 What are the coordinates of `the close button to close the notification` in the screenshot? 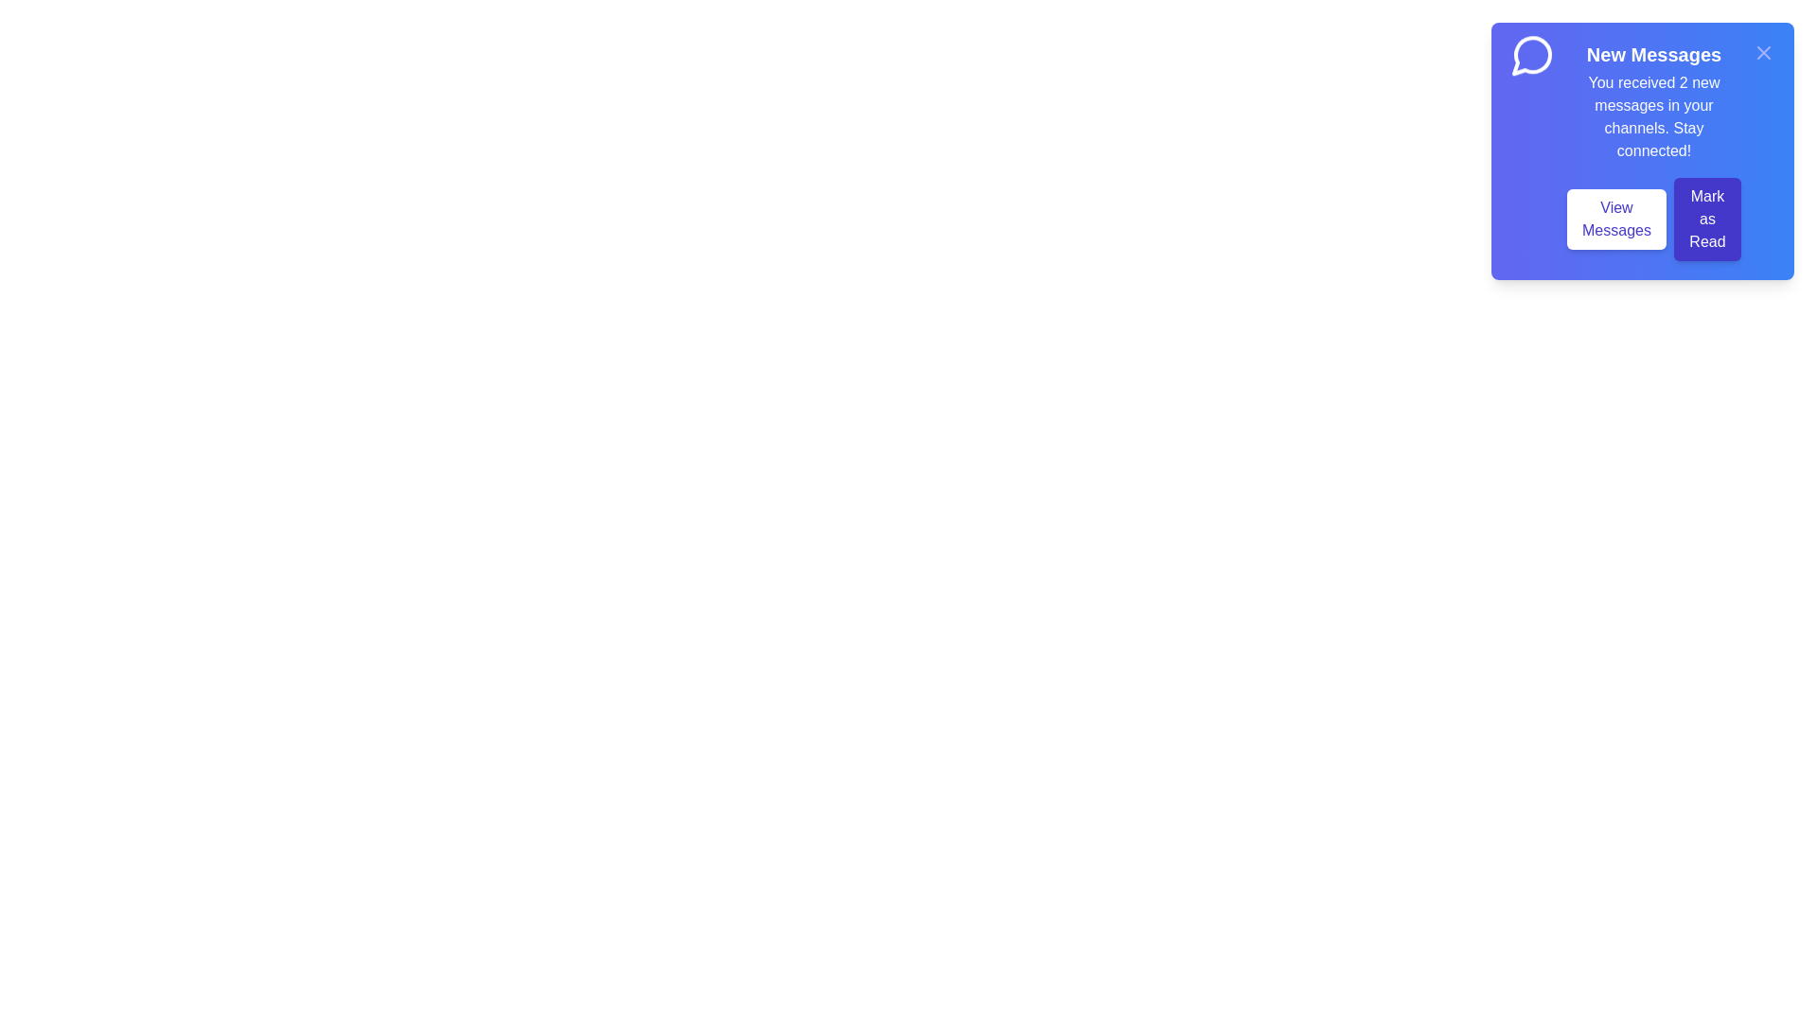 It's located at (1762, 52).